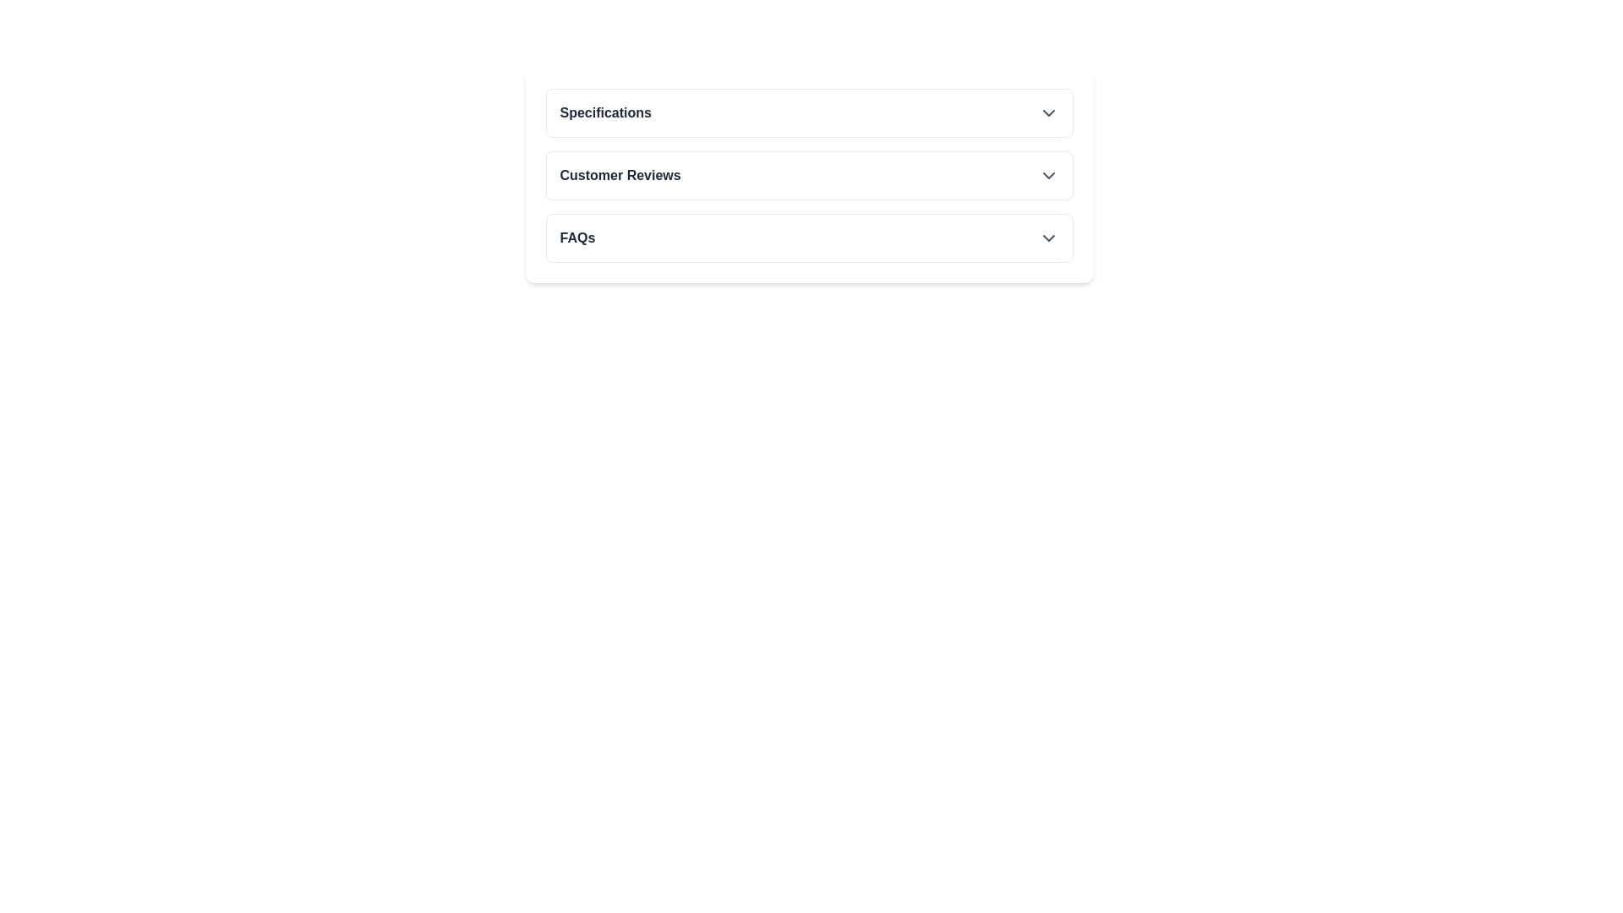 This screenshot has height=913, width=1623. What do you see at coordinates (620, 176) in the screenshot?
I see `the 'Customer Reviews' text element, which is styled in bold dark gray and positioned between 'Specifications' and 'FAQs'` at bounding box center [620, 176].